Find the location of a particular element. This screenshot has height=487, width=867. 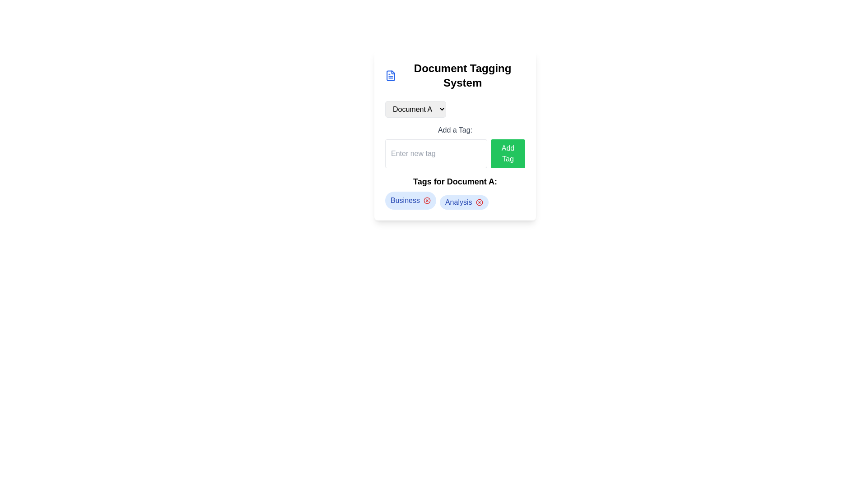

the Dropdown menu displaying 'Document A' to enable keyboard navigation is located at coordinates (415, 109).